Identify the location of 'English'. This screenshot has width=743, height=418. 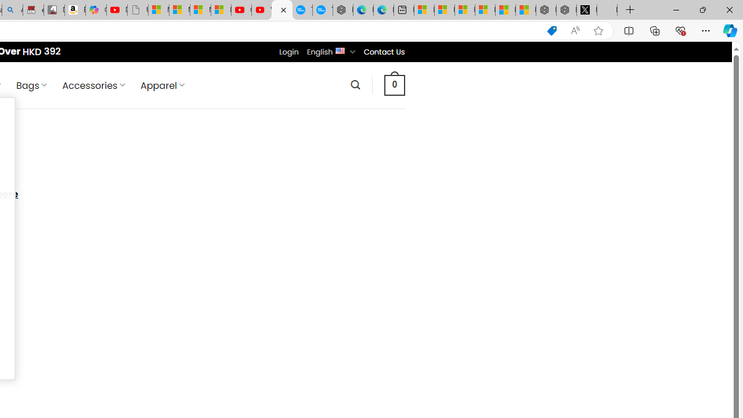
(340, 49).